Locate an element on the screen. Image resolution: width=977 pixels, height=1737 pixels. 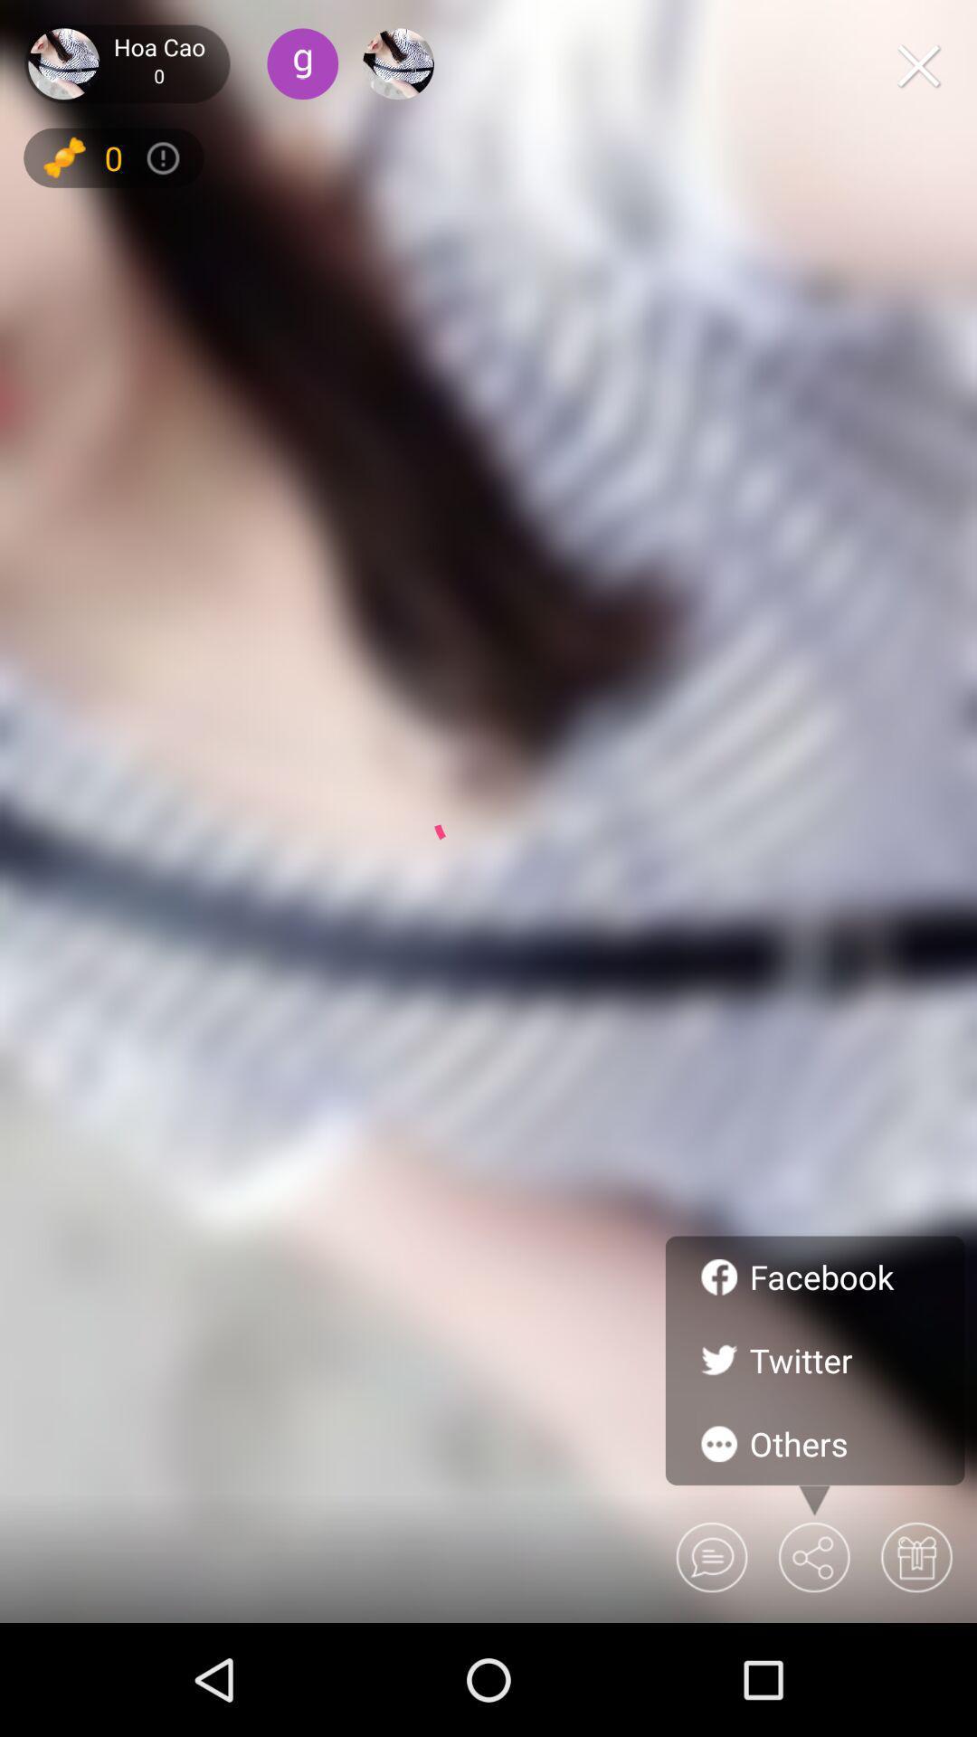
the gift icon is located at coordinates (915, 1556).